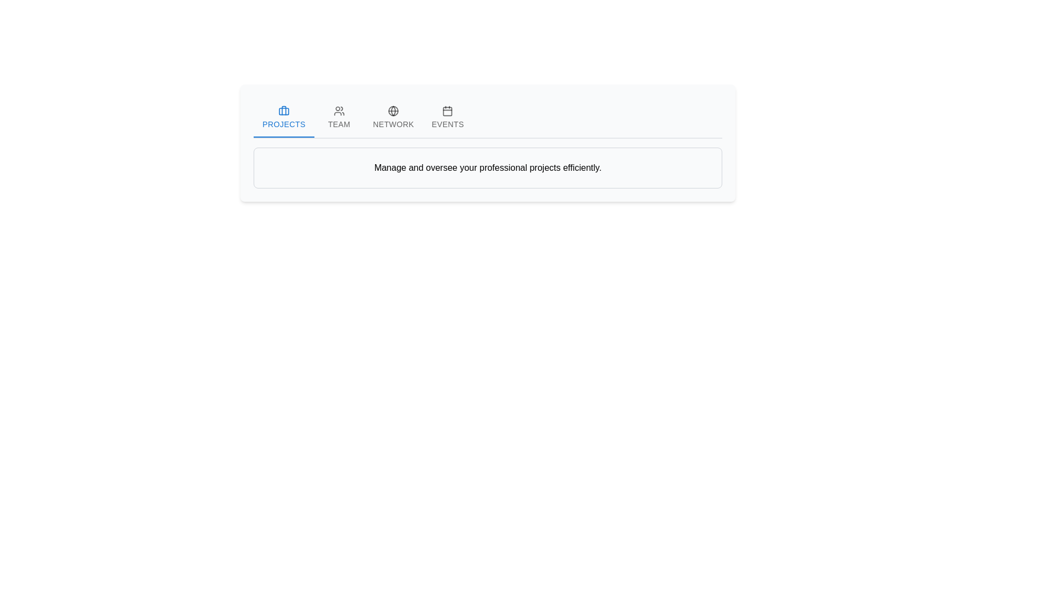 Image resolution: width=1061 pixels, height=597 pixels. Describe the element at coordinates (338, 111) in the screenshot. I see `the 'TEAM' tab icon located above the text 'TEAM' in the navigation bar` at that location.